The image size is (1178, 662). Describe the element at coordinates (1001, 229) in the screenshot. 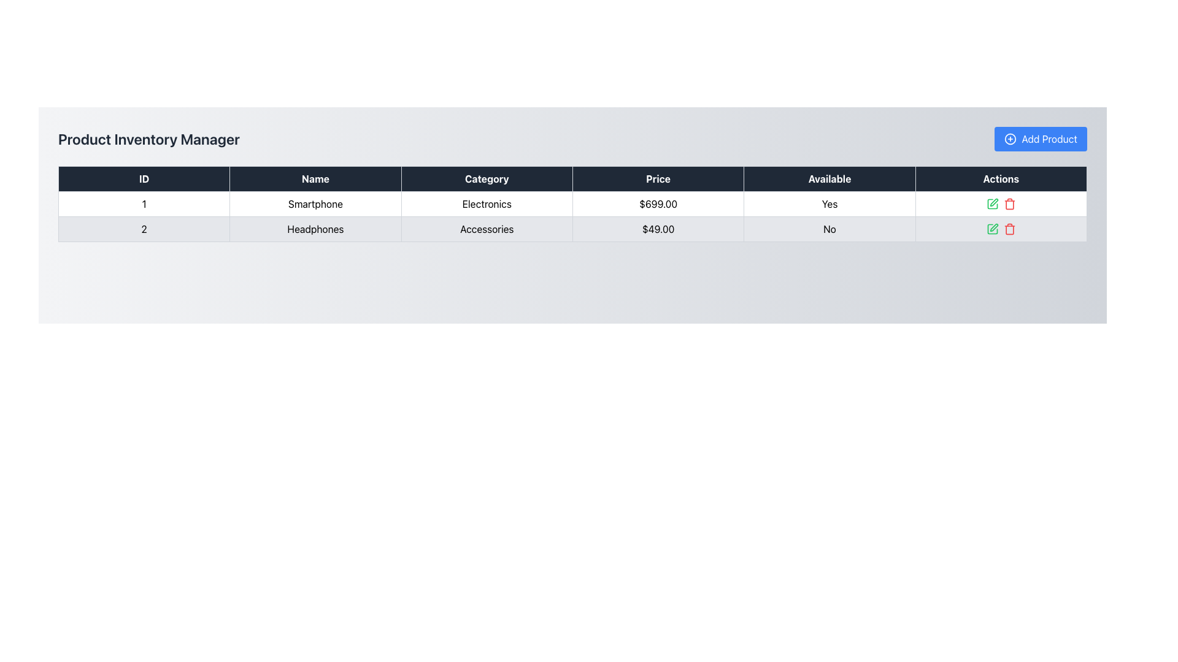

I see `the red delete icon in the Grouped interactive icons (edit and delete) located in the 'Actions' column of the second row in the table` at that location.